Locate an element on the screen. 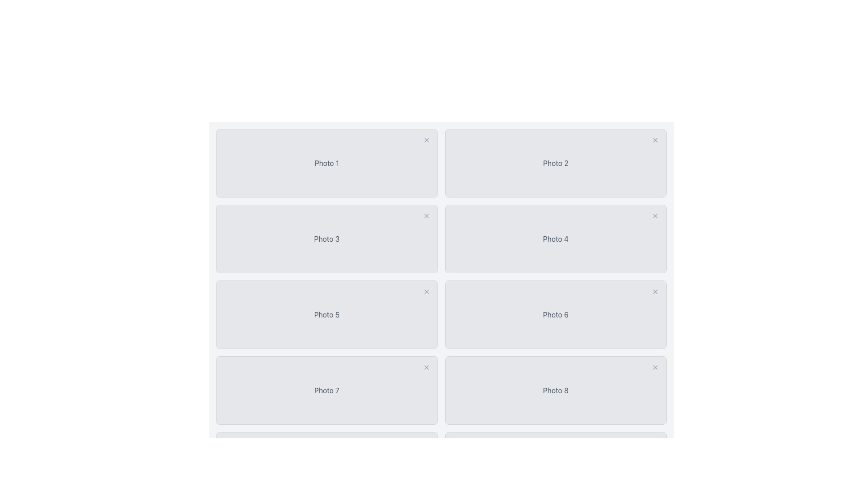 The width and height of the screenshot is (866, 487). the close button represented by an 'X' in the upper-right corner of the 'Photo 7' section is located at coordinates (426, 367).